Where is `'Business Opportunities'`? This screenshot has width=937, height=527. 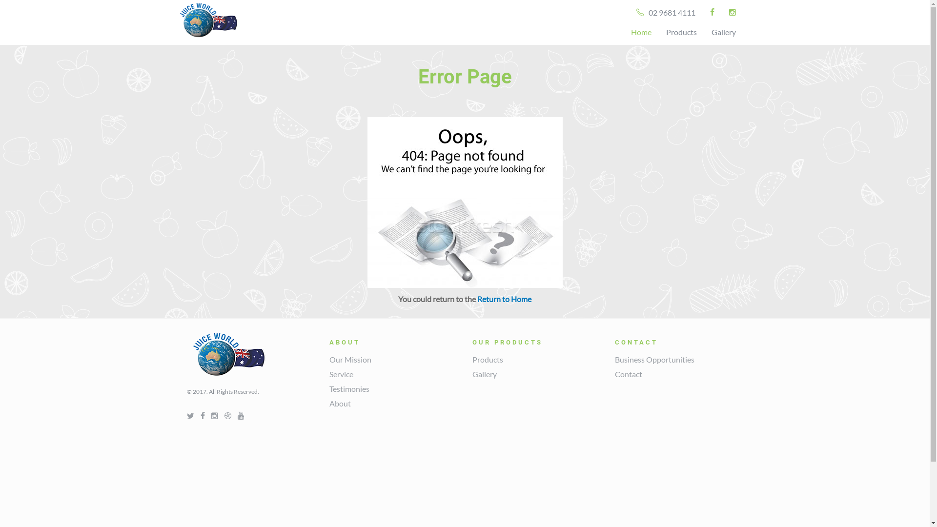 'Business Opportunities' is located at coordinates (654, 359).